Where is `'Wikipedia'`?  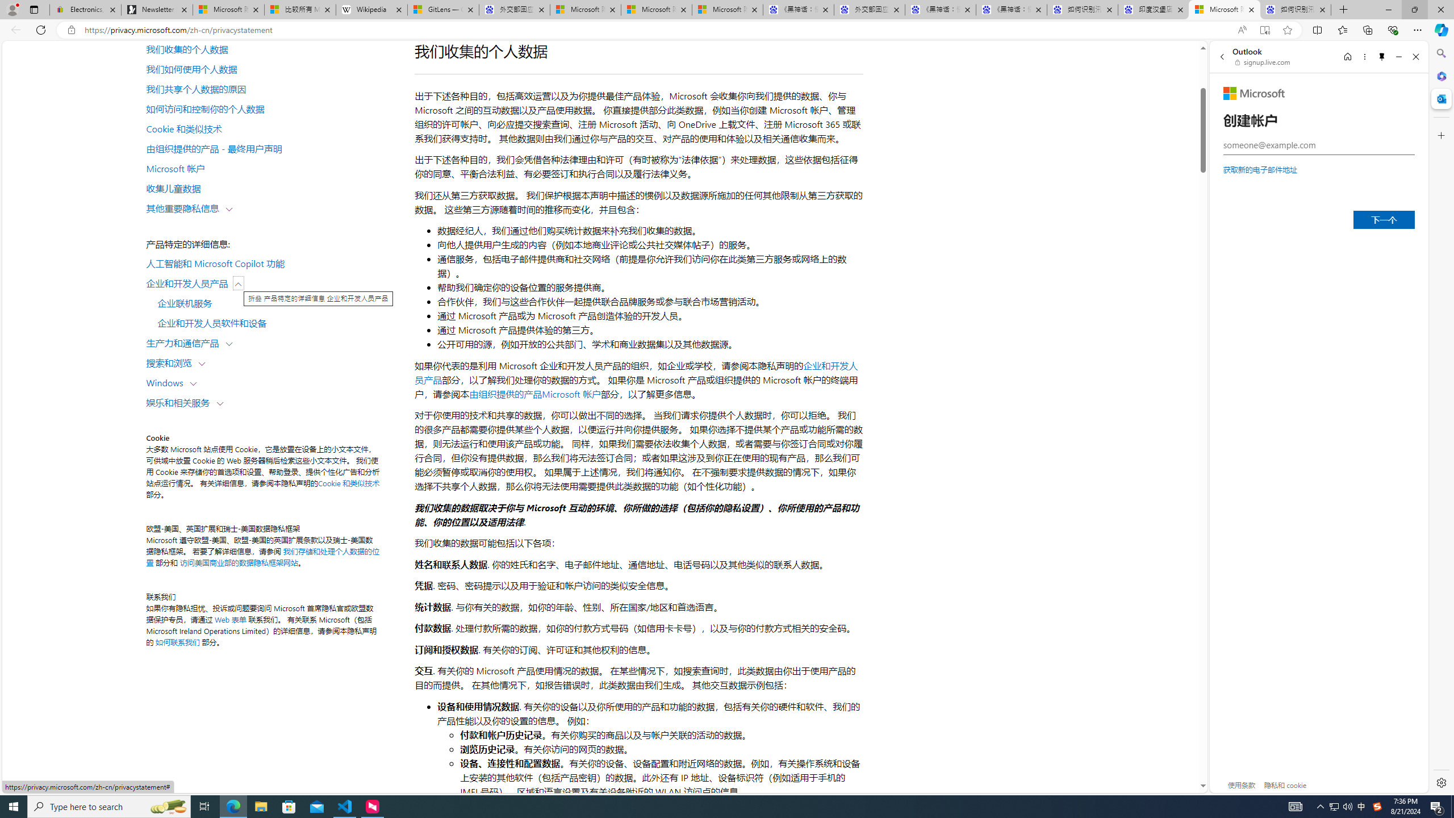
'Wikipedia' is located at coordinates (372, 9).